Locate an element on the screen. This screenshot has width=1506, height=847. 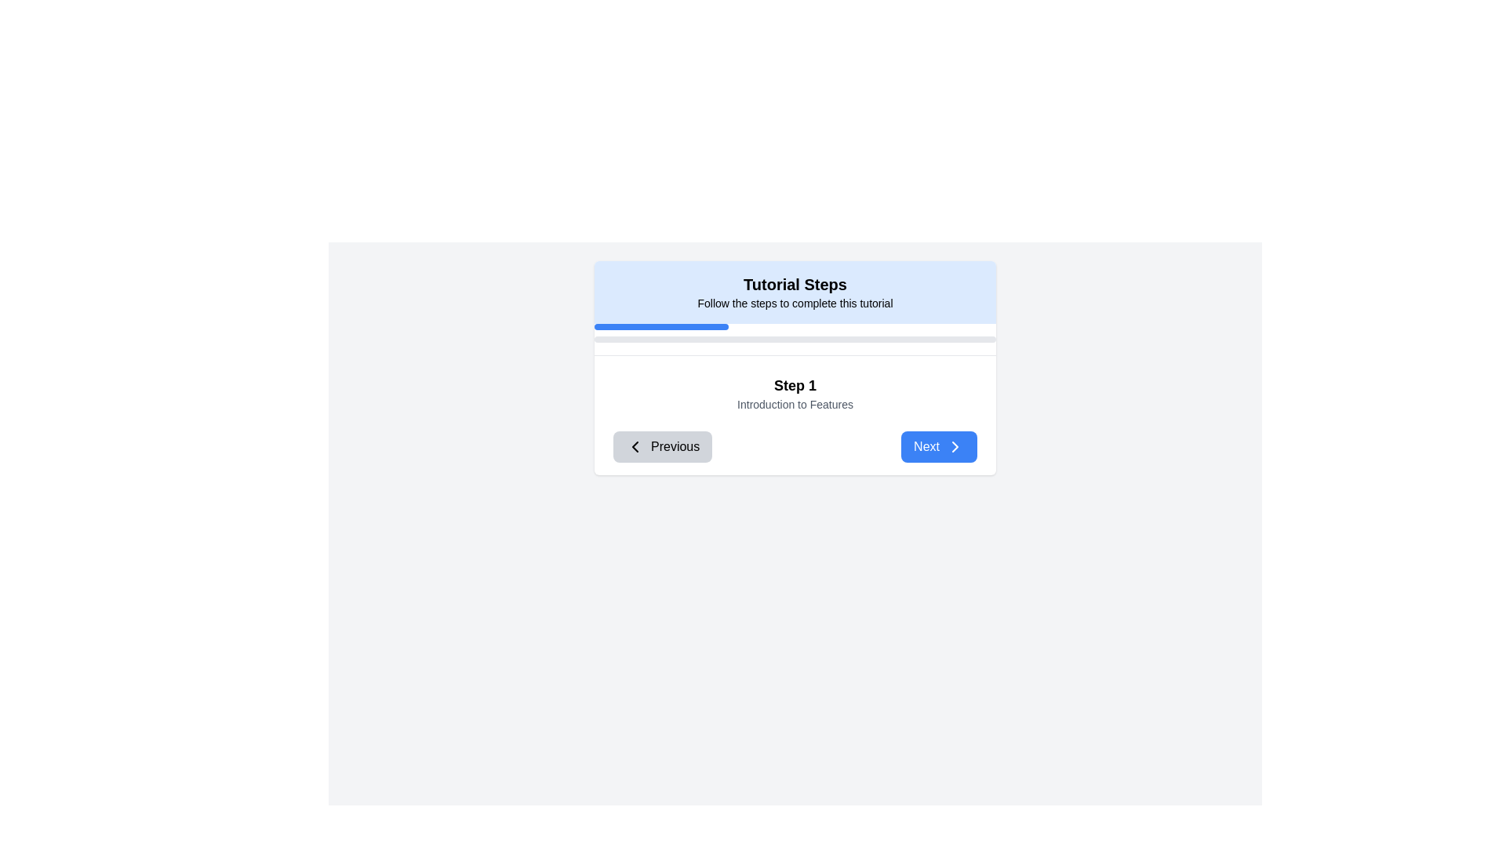
the progress bar completion is located at coordinates (771, 338).